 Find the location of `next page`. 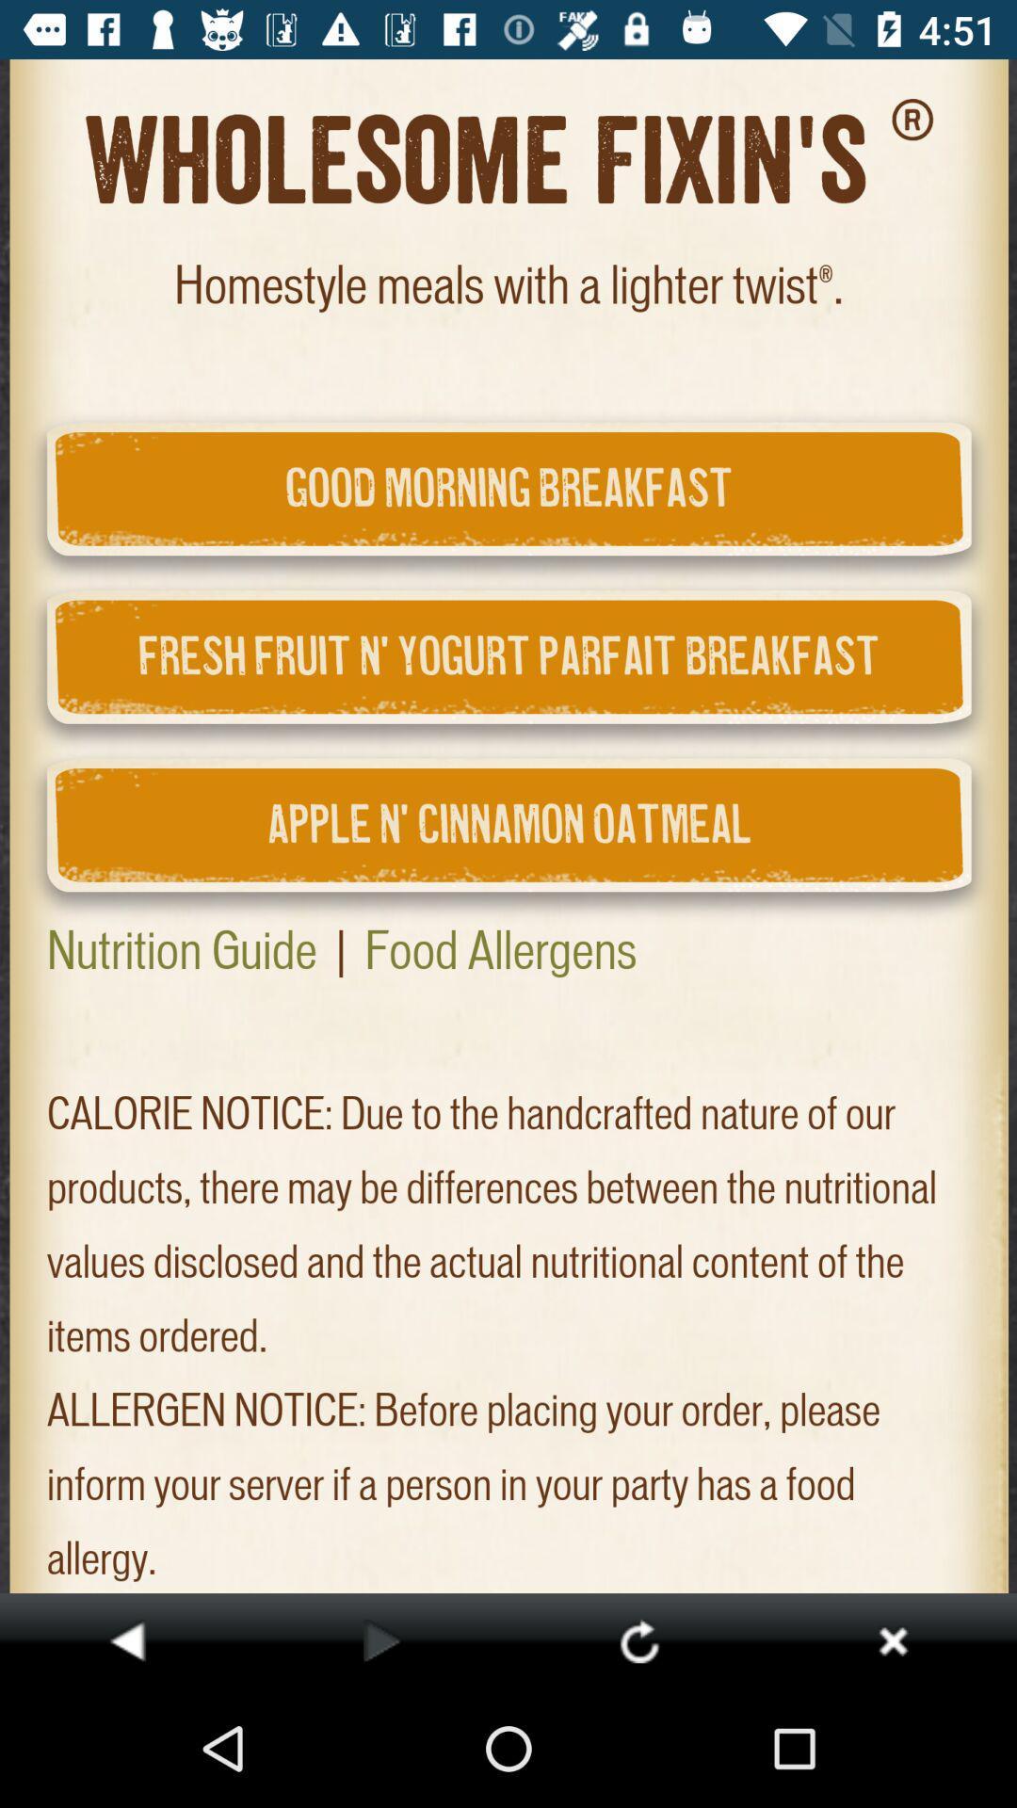

next page is located at coordinates (381, 1639).